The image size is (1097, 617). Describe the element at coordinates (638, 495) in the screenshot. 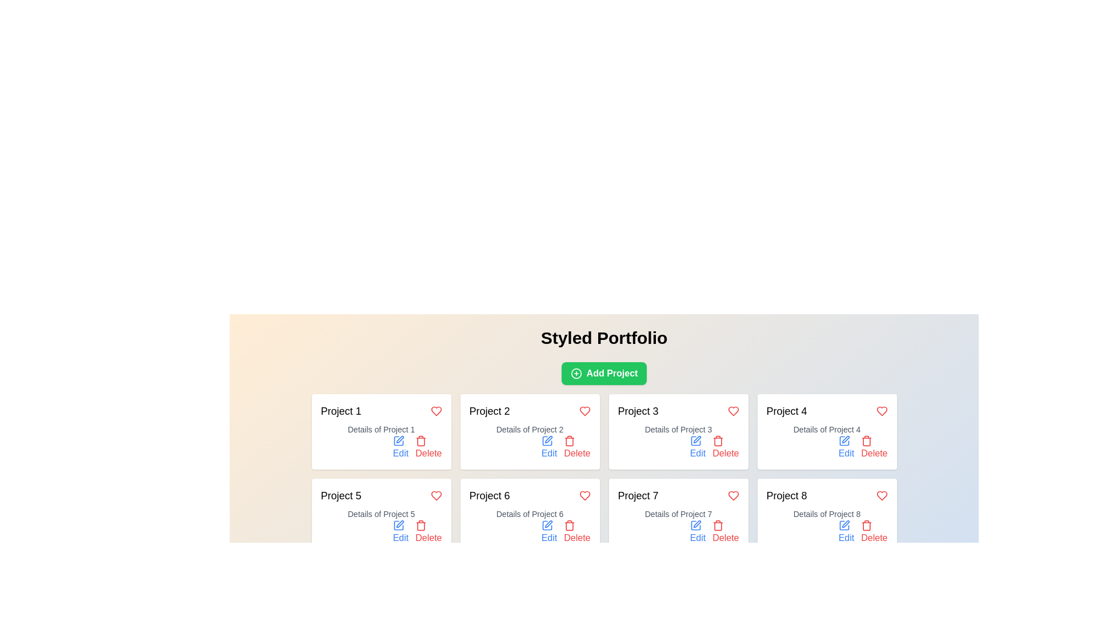

I see `the title text element that identifies the project, located in the second row and third column of the project card layout` at that location.